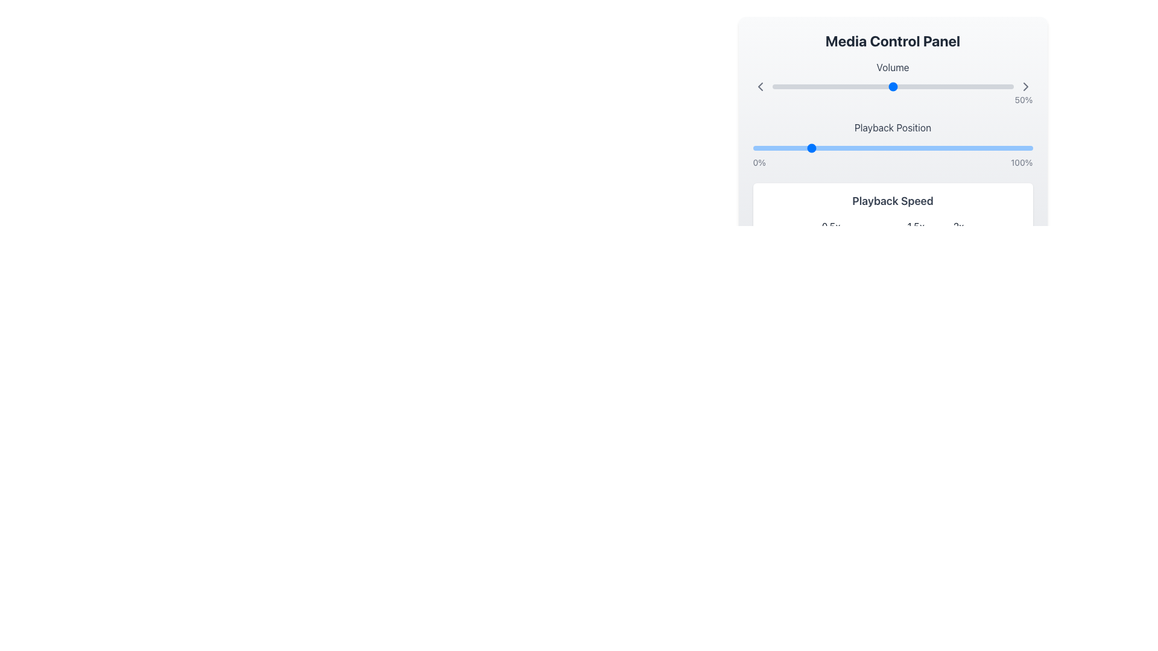  Describe the element at coordinates (796, 86) in the screenshot. I see `volume` at that location.